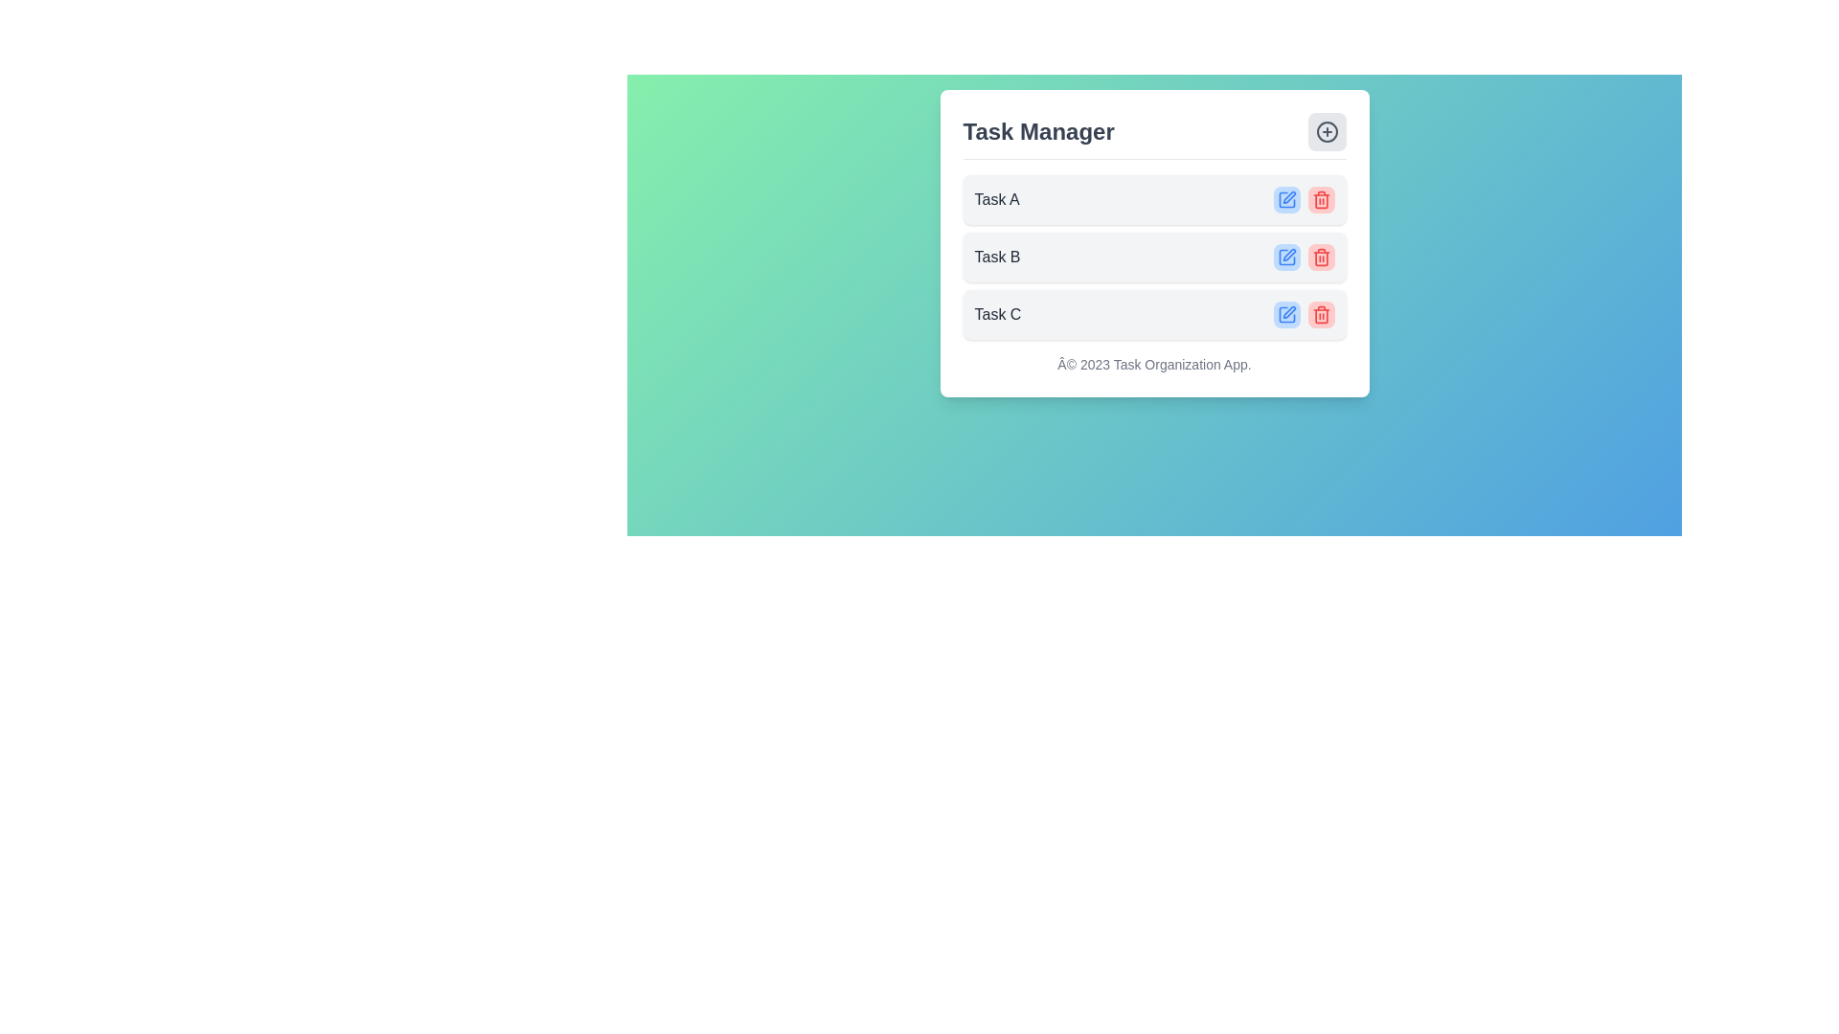 This screenshot has height=1034, width=1839. What do you see at coordinates (1326, 131) in the screenshot?
I see `the circular plus sign icon located at the top-right corner of the task manager interface to visualize its interactive state` at bounding box center [1326, 131].